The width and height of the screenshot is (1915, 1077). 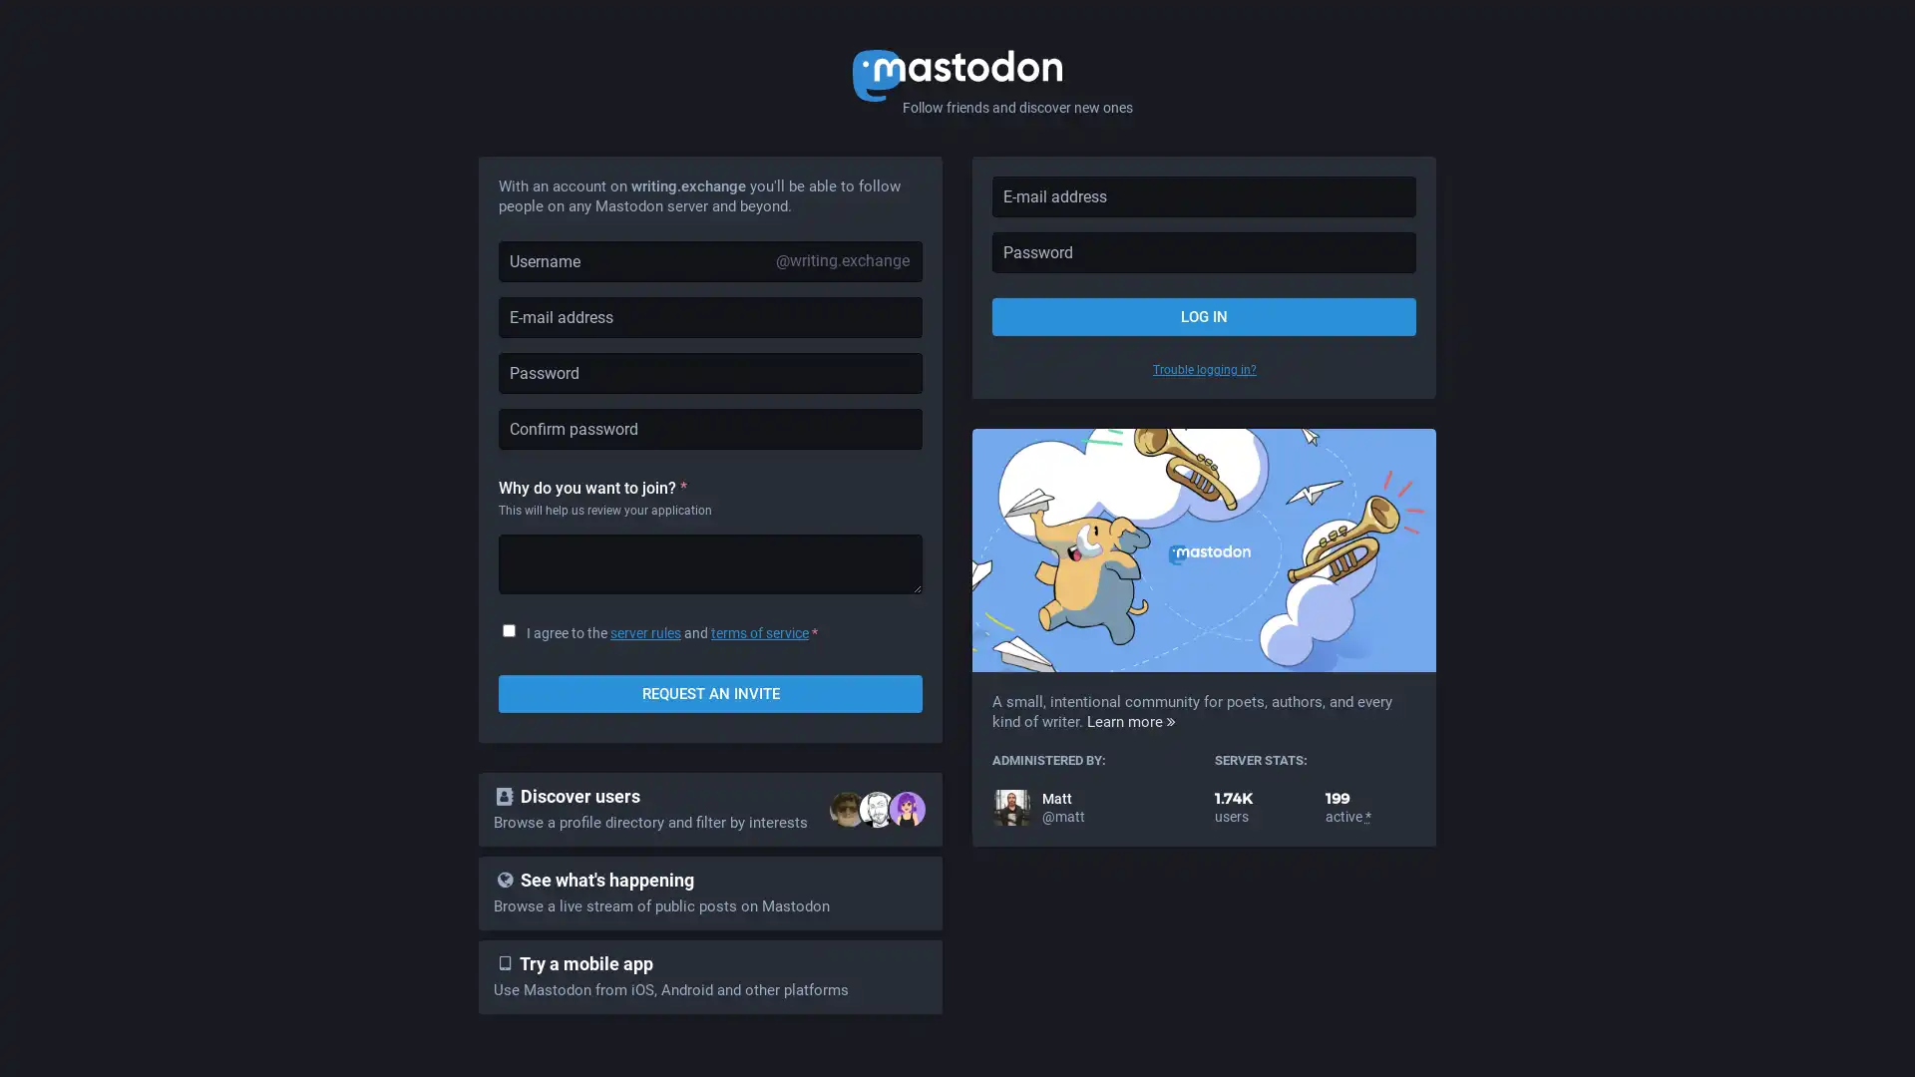 I want to click on REQUEST AN INVITE, so click(x=710, y=692).